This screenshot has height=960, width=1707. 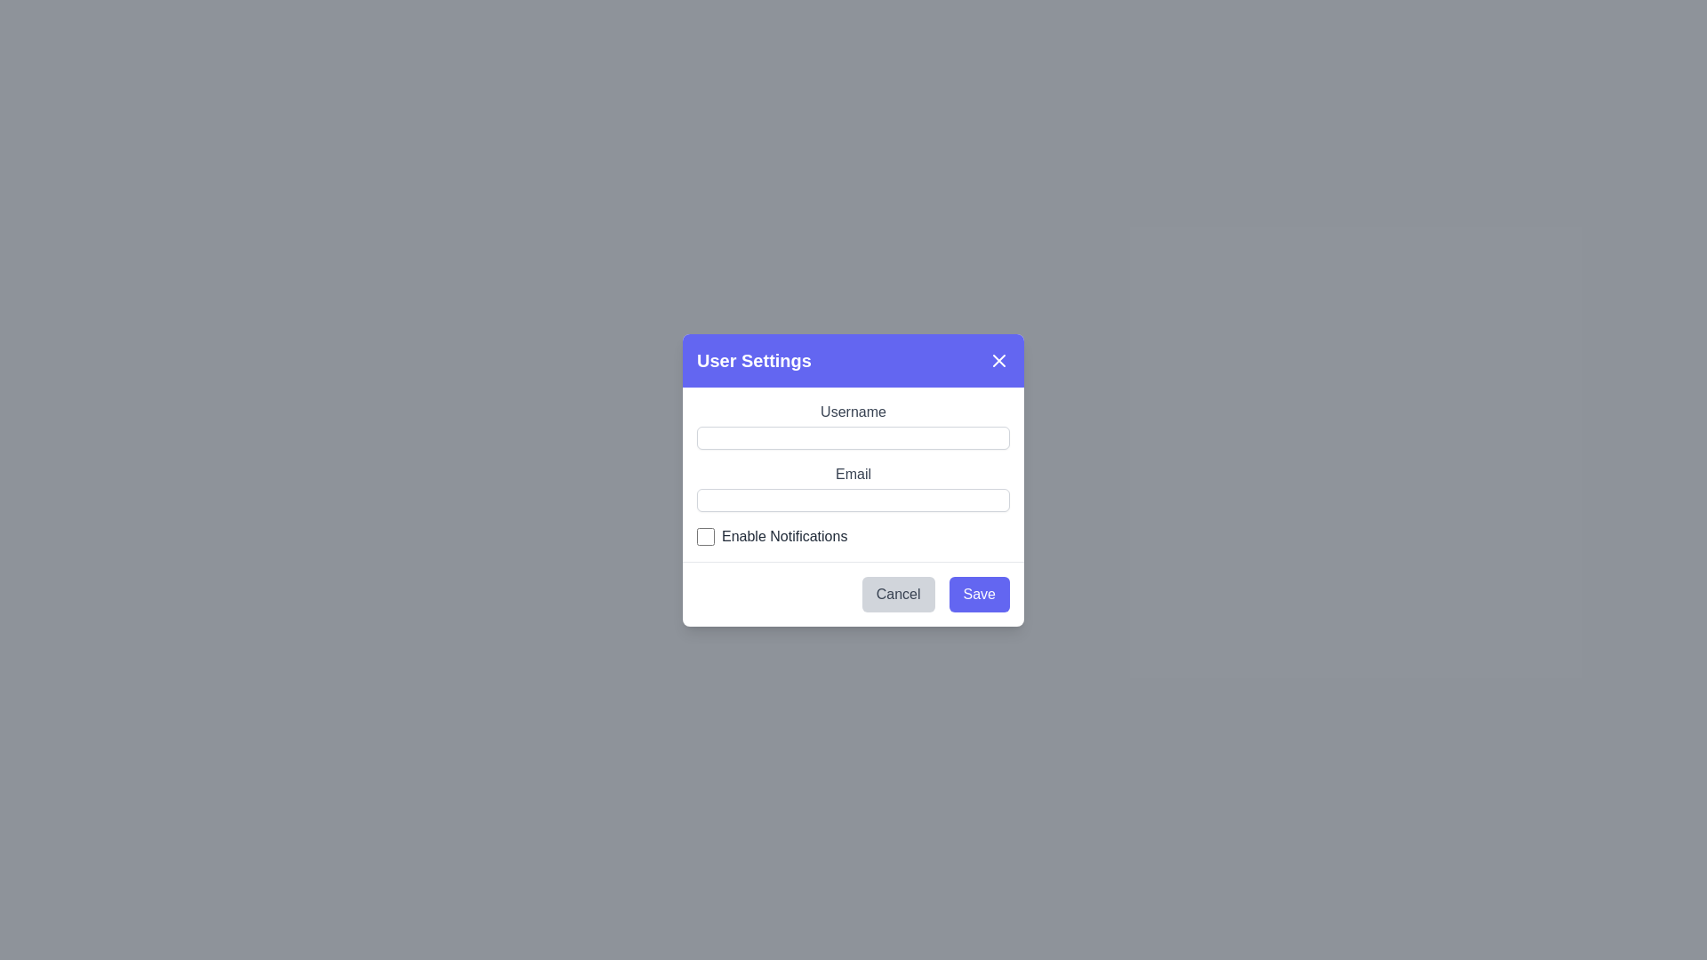 What do you see at coordinates (853, 535) in the screenshot?
I see `the checkbox labeled 'Enable Notifications'` at bounding box center [853, 535].